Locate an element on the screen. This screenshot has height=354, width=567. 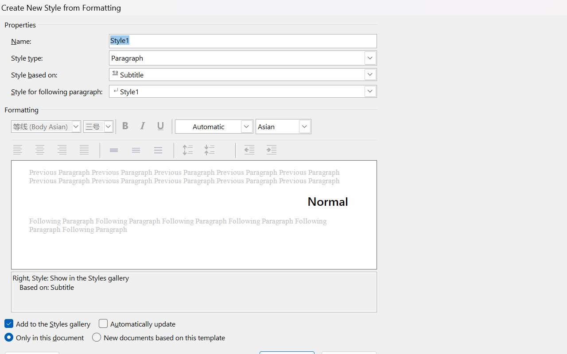
'Center' is located at coordinates (40, 150).